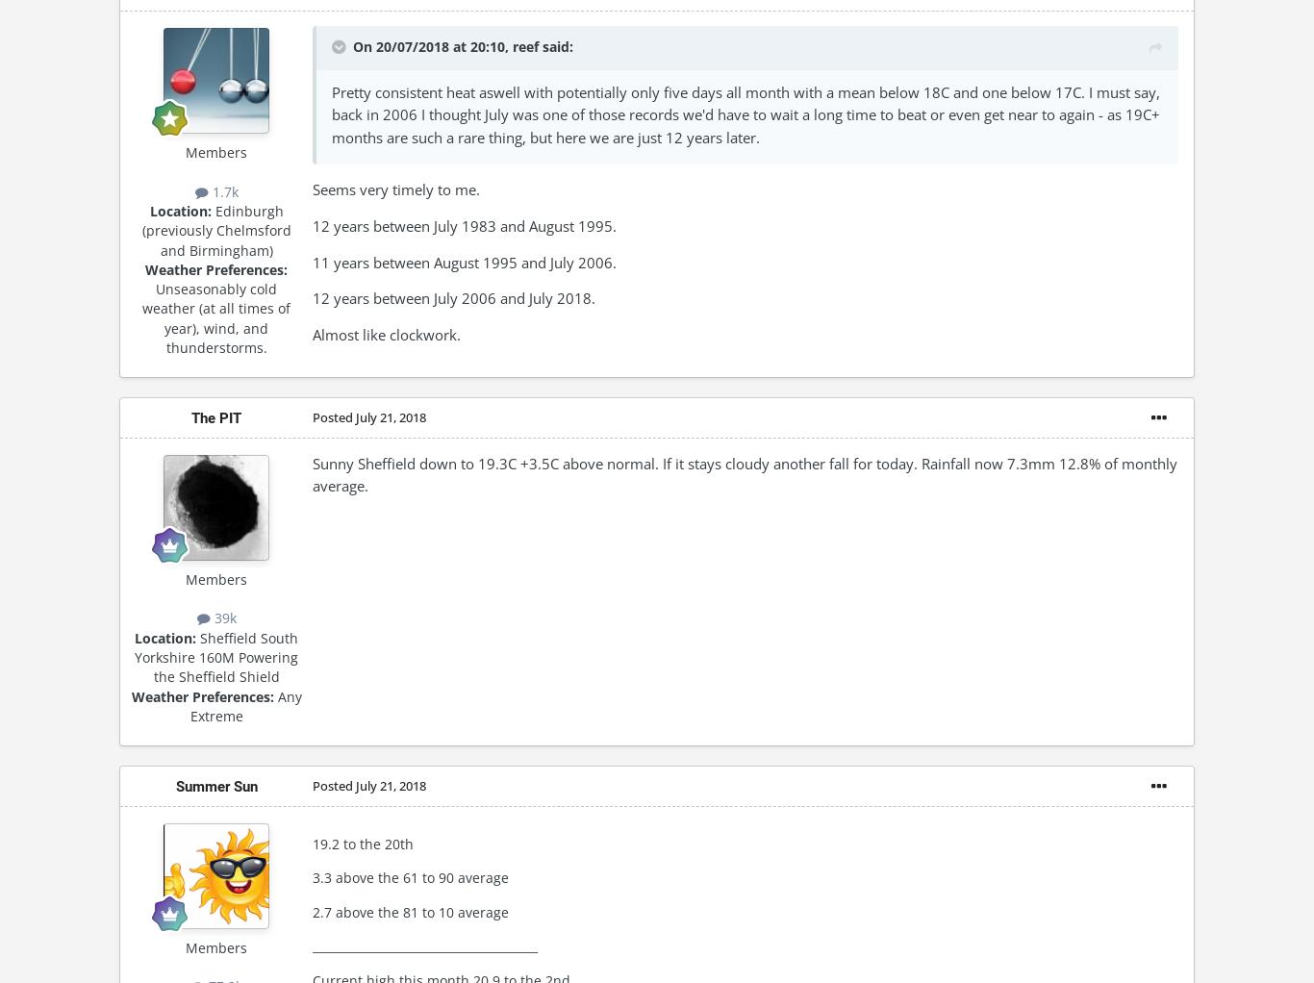  Describe the element at coordinates (215, 417) in the screenshot. I see `'The PIT'` at that location.